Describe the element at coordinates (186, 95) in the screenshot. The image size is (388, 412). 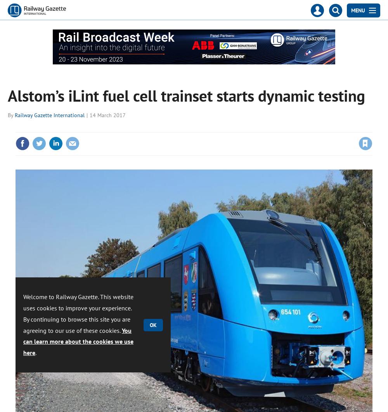
I see `'Alstom’s iLint fuel cell trainset starts dynamic testing'` at that location.